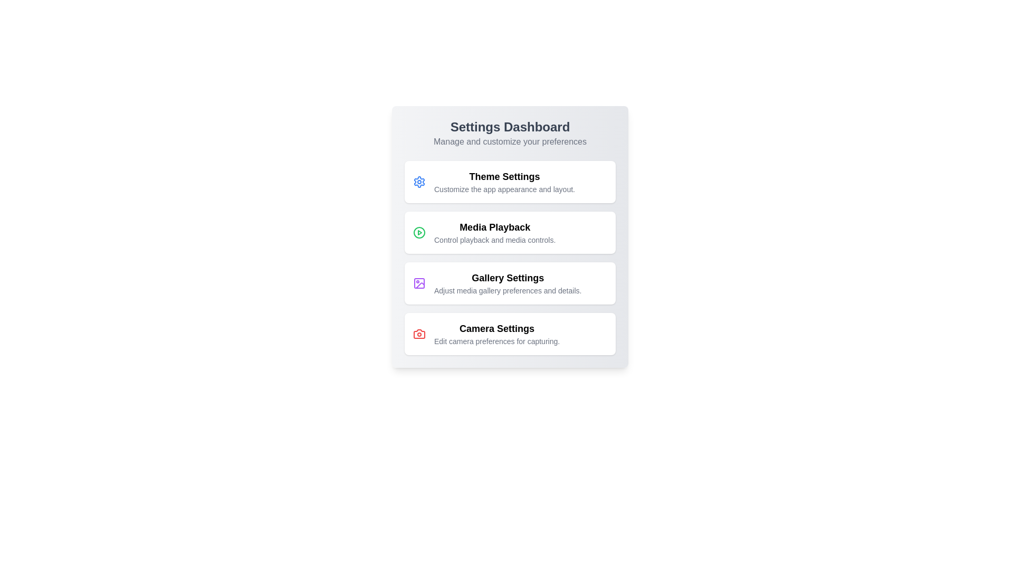  Describe the element at coordinates (508, 291) in the screenshot. I see `the grey text label stating 'Adjust media gallery preferences and details', which is located below the bold title 'Gallery Settings'` at that location.